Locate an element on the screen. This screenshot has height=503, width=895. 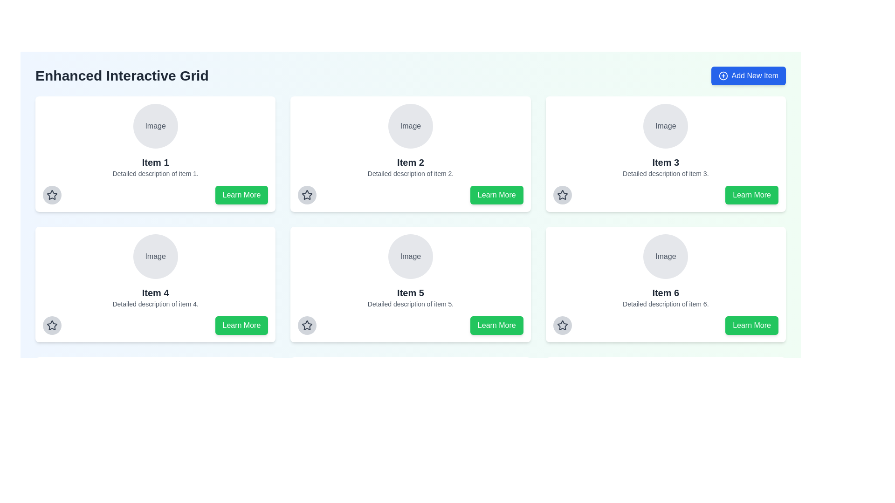
the star icon within the circular button on the card labeled 'Item 5' is located at coordinates (307, 325).